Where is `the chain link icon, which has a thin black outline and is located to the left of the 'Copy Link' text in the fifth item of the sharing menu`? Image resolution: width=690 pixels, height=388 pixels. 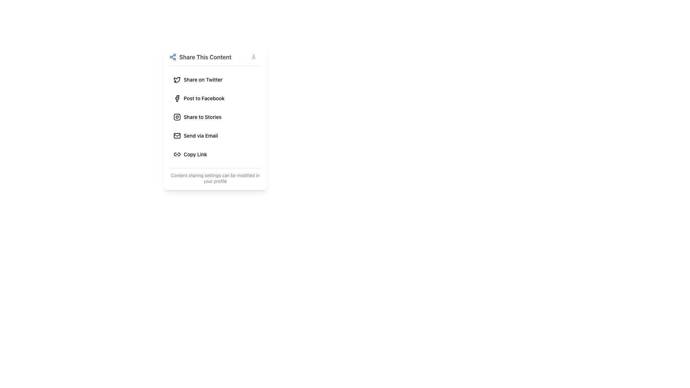 the chain link icon, which has a thin black outline and is located to the left of the 'Copy Link' text in the fifth item of the sharing menu is located at coordinates (177, 154).